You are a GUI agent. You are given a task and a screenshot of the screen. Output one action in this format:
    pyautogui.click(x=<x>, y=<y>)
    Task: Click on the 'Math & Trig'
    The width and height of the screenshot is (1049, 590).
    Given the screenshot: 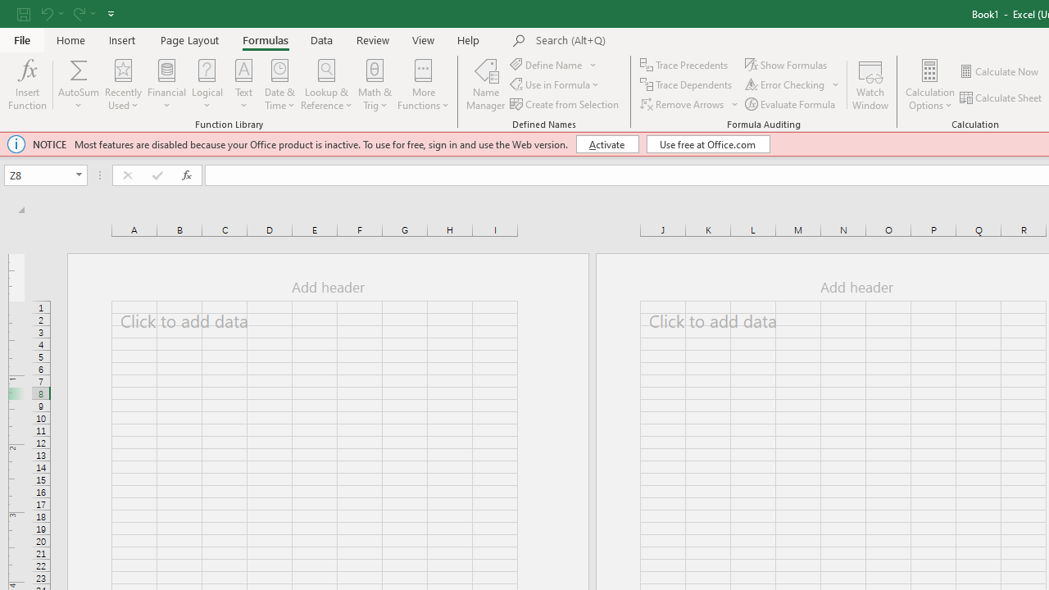 What is the action you would take?
    pyautogui.click(x=375, y=84)
    